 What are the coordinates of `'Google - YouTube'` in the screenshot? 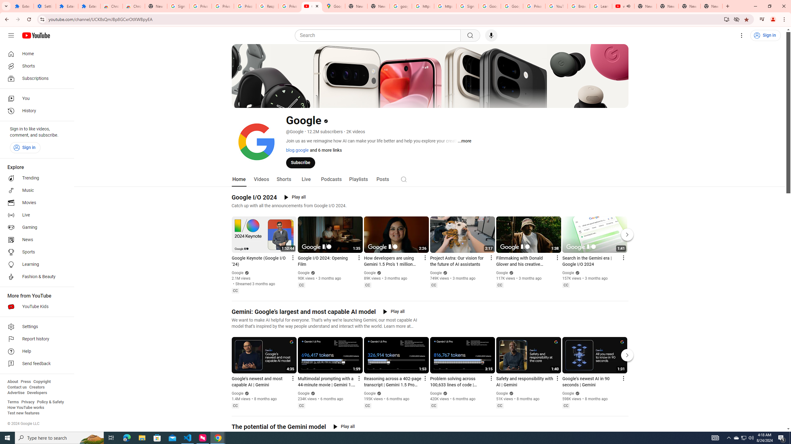 It's located at (311, 6).